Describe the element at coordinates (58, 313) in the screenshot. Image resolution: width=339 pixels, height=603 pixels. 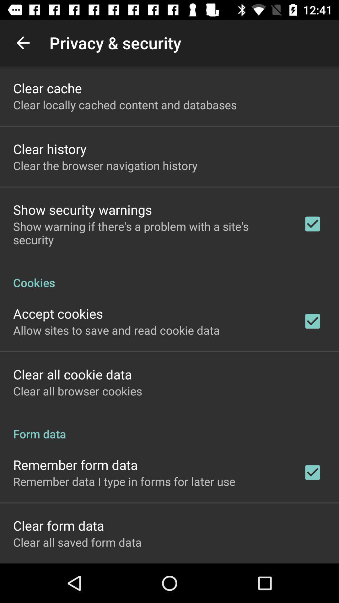
I see `the accept cookies item` at that location.